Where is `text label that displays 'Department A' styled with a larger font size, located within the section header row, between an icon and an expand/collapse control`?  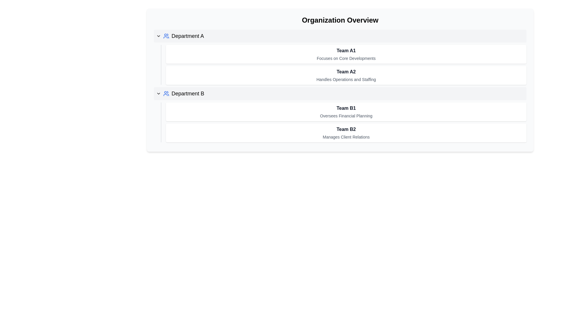
text label that displays 'Department A' styled with a larger font size, located within the section header row, between an icon and an expand/collapse control is located at coordinates (187, 36).